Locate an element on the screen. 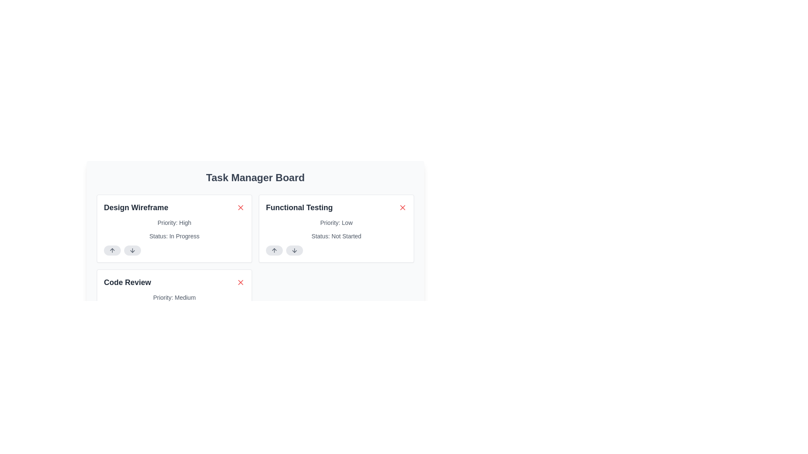 The height and width of the screenshot is (454, 808). the close button (interactive SVG icon) located at the top-right corner of the 'Design Wireframe' card is located at coordinates (240, 207).